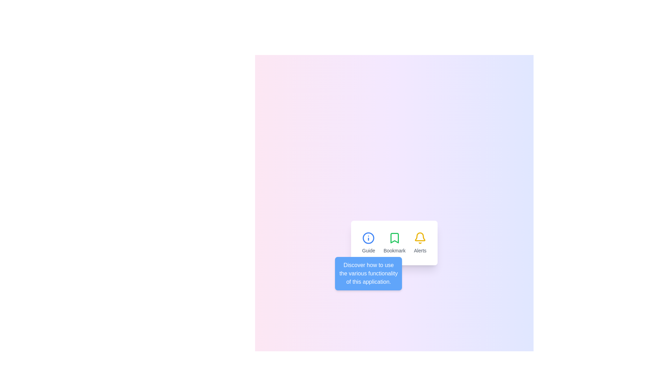  Describe the element at coordinates (394, 243) in the screenshot. I see `the visual indicator labeled 'Bookmark', which is a green bookmark icon with gray text below it, positioned between 'Guide' and 'Alerts'` at that location.